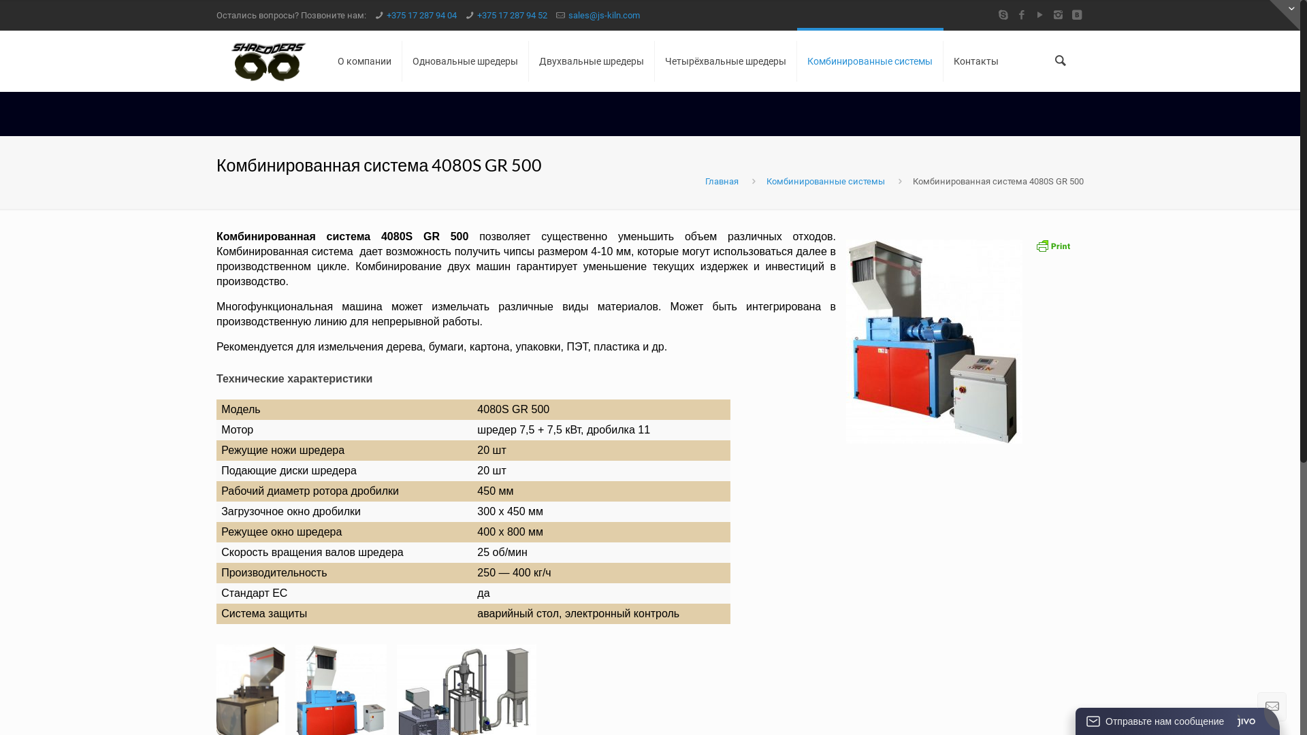 The width and height of the screenshot is (1307, 735). Describe the element at coordinates (421, 15) in the screenshot. I see `'+375 17 287 94 04'` at that location.